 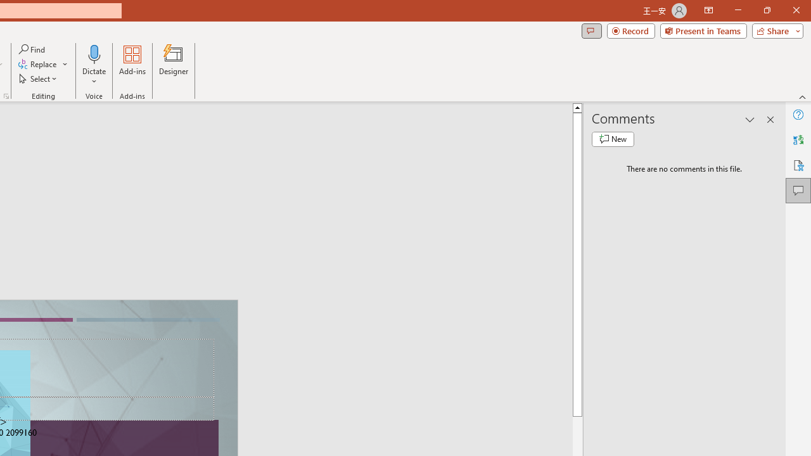 What do you see at coordinates (44, 64) in the screenshot?
I see `'Replace...'` at bounding box center [44, 64].